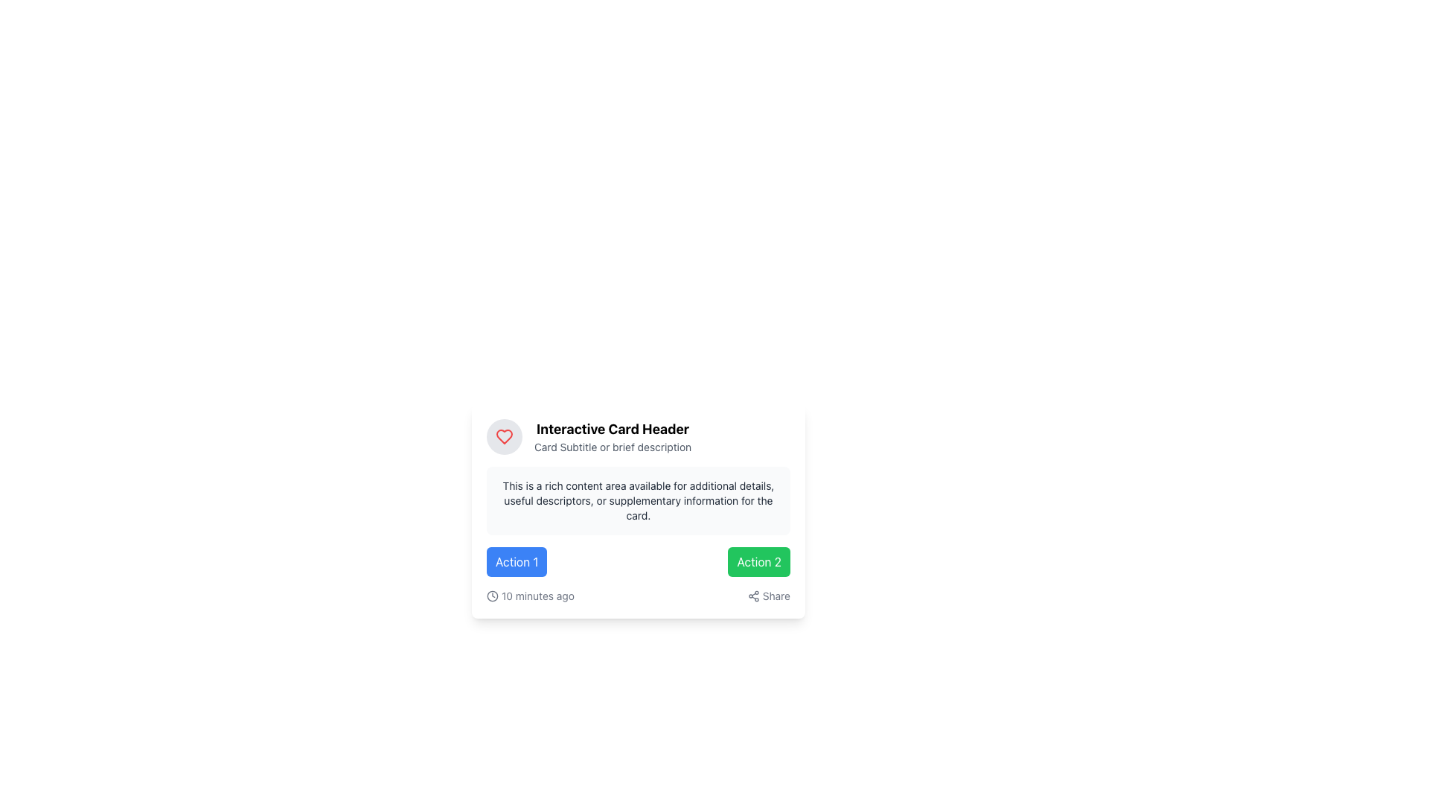 Image resolution: width=1429 pixels, height=804 pixels. Describe the element at coordinates (613, 447) in the screenshot. I see `supplementary card details from the text label that contains 'Card Subtitle or brief description', located below the 'Interactive Card Header' within the card component` at that location.